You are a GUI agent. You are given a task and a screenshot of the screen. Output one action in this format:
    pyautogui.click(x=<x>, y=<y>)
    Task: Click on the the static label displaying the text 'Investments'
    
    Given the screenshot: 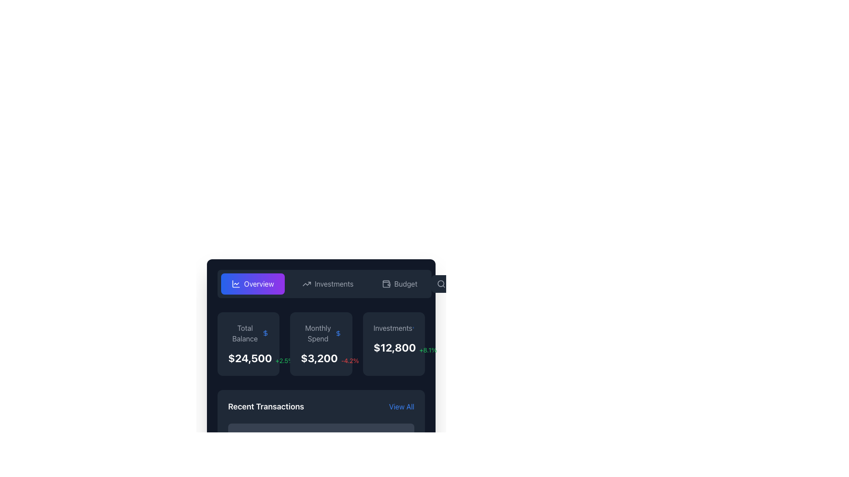 What is the action you would take?
    pyautogui.click(x=392, y=328)
    